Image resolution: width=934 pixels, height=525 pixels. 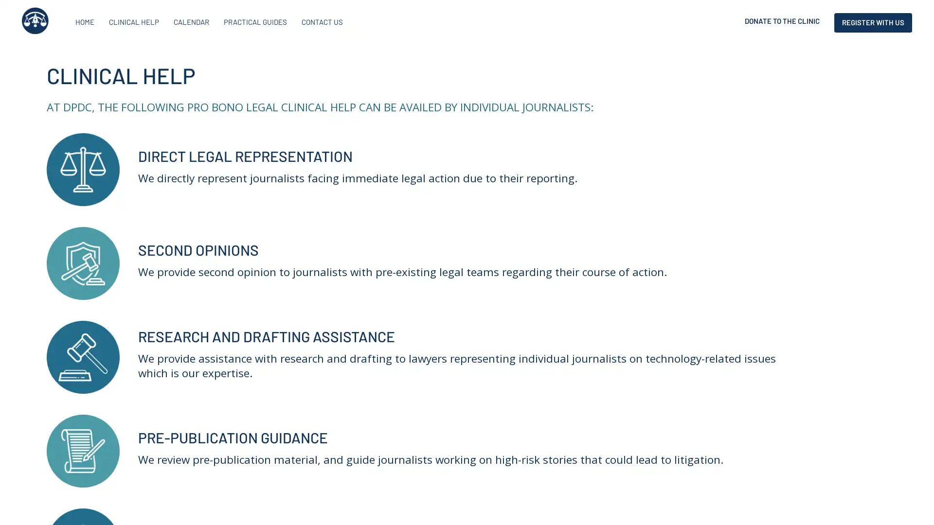 I want to click on DONATE TO THE CLINIC, so click(x=782, y=22).